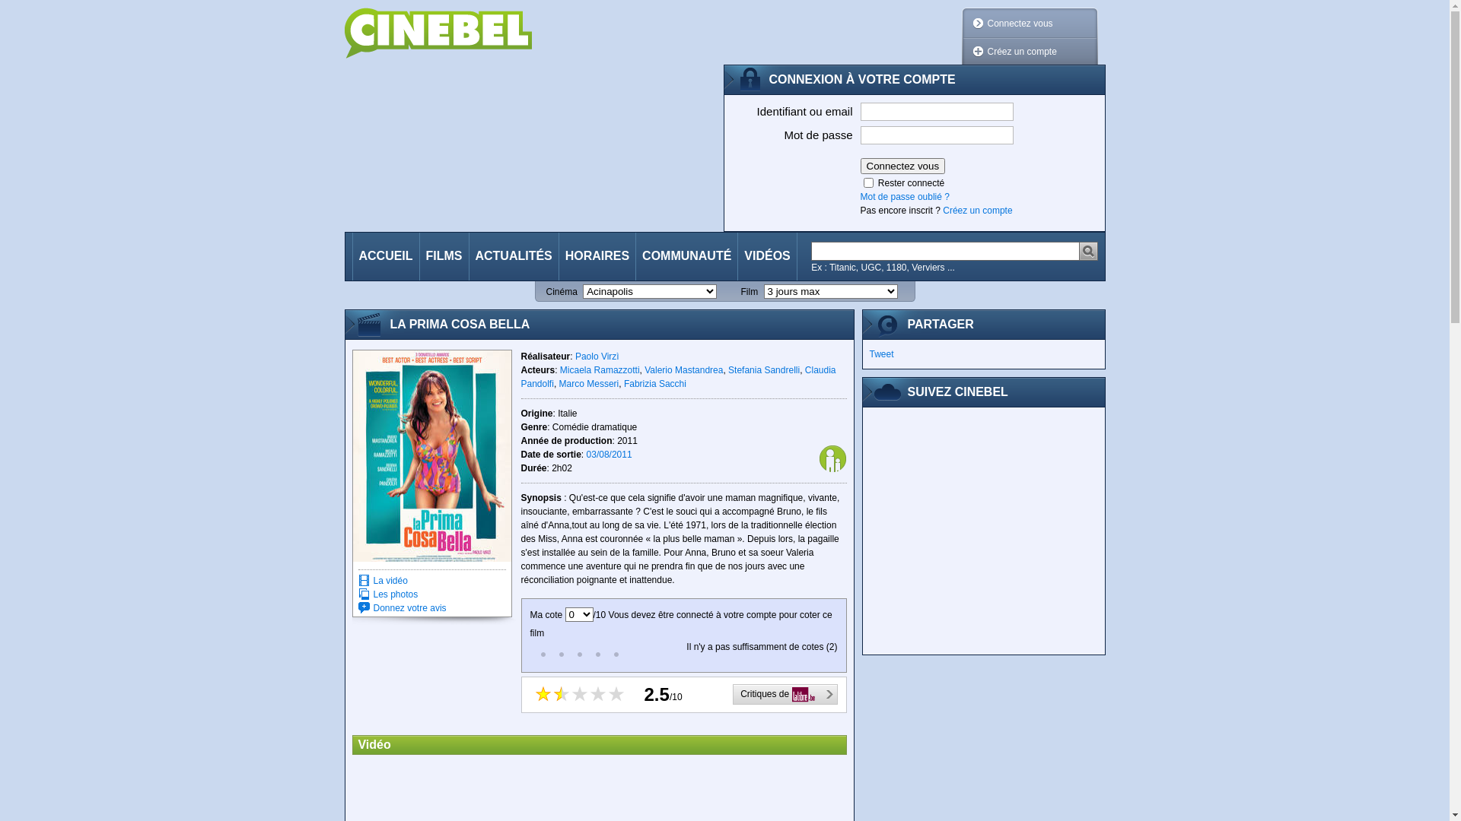 The width and height of the screenshot is (1461, 821). I want to click on 'Marco Messeri', so click(558, 383).